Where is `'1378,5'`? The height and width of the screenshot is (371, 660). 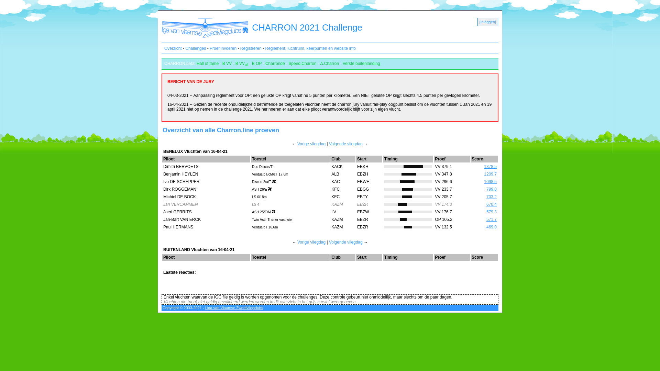
'1378,5' is located at coordinates (490, 167).